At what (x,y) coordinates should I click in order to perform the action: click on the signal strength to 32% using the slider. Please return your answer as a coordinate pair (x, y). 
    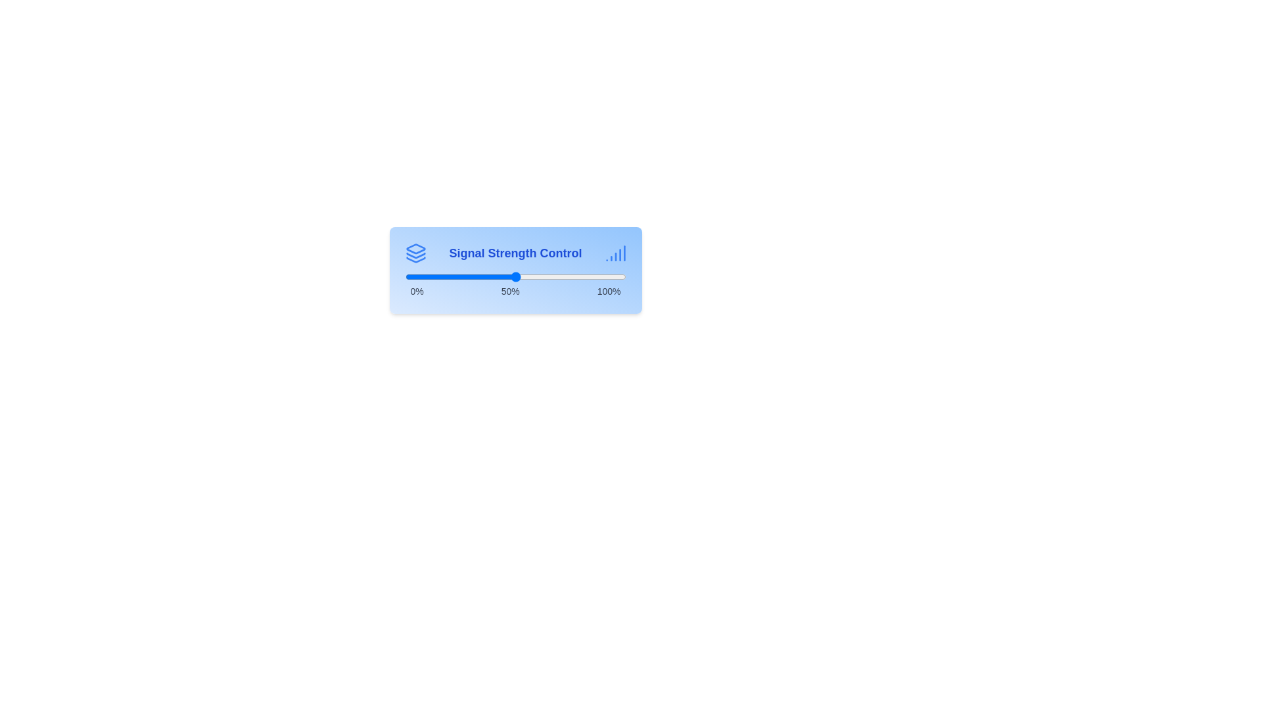
    Looking at the image, I should click on (475, 276).